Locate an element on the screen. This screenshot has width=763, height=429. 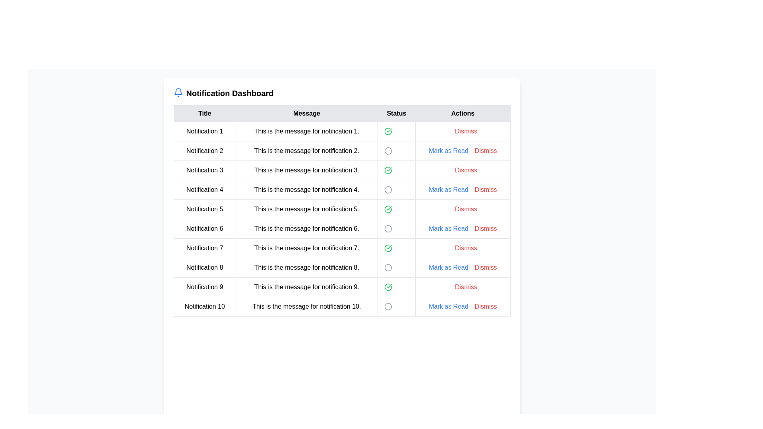
the 'Dismiss' button in the 'Actions' column of the notification dashboard, specifically aligned to the 'Notification 2' row, to underline the text is located at coordinates (485, 151).